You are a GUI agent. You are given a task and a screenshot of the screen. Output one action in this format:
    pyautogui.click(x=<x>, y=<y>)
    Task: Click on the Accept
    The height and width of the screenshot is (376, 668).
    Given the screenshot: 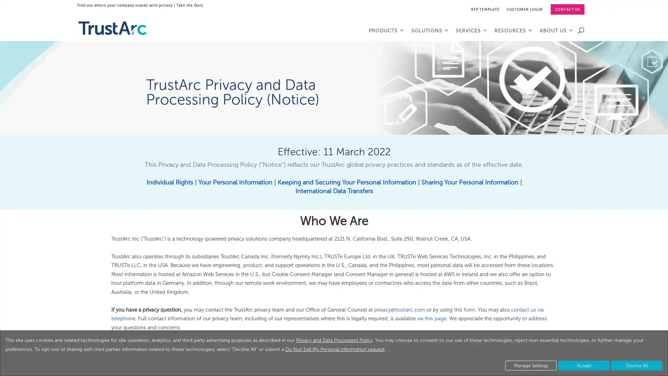 What is the action you would take?
    pyautogui.click(x=584, y=365)
    